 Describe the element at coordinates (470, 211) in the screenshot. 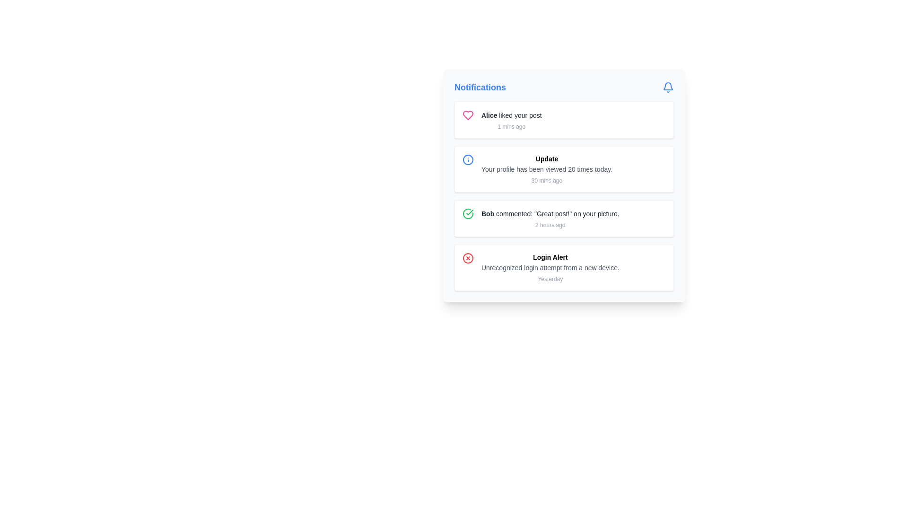

I see `green checkmark icon indicating success, located within the second notification item of a vertically stacked list, using developer tools` at that location.